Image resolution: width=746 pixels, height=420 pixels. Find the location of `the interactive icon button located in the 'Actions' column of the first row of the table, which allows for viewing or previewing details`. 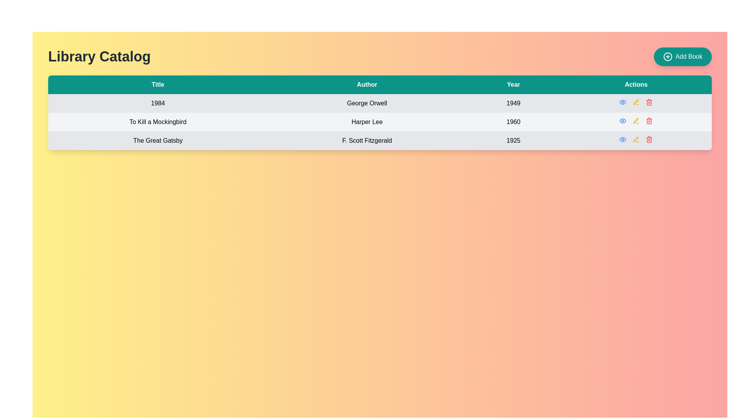

the interactive icon button located in the 'Actions' column of the first row of the table, which allows for viewing or previewing details is located at coordinates (623, 101).